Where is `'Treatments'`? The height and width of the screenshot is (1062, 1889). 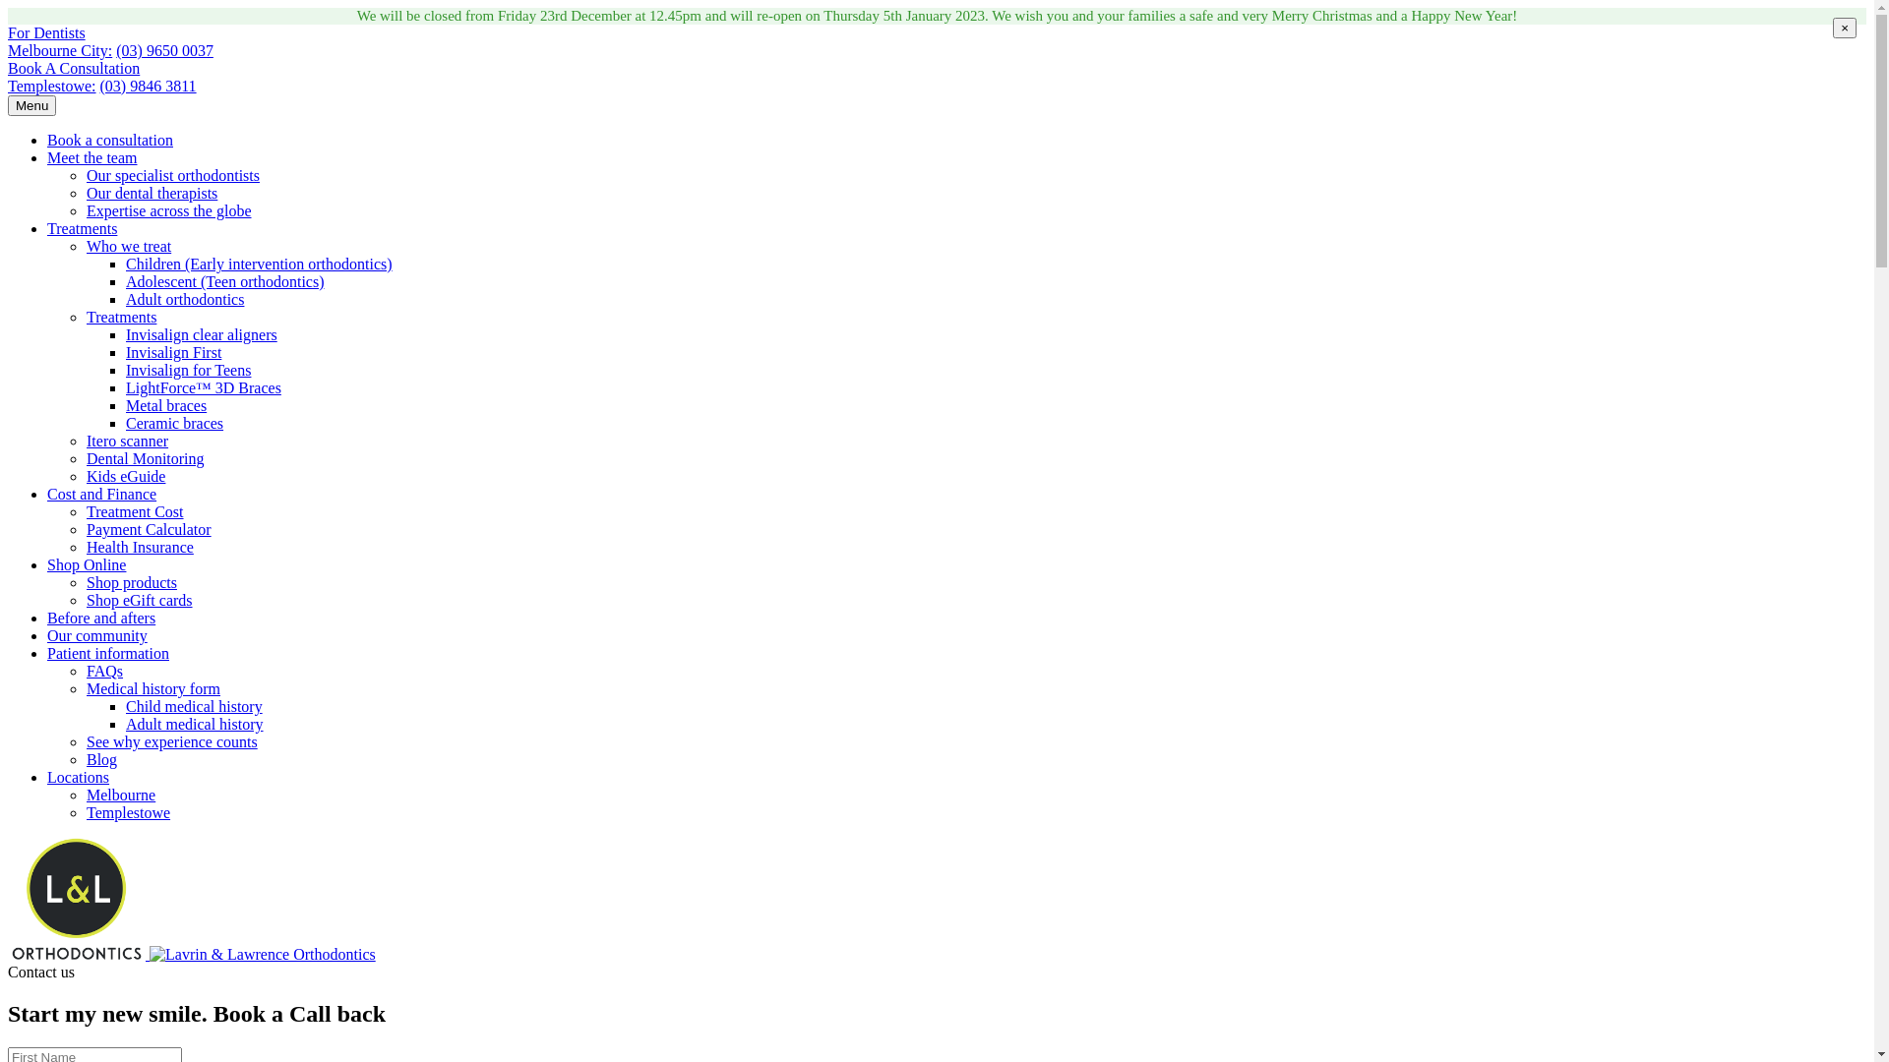
'Treatments' is located at coordinates (85, 316).